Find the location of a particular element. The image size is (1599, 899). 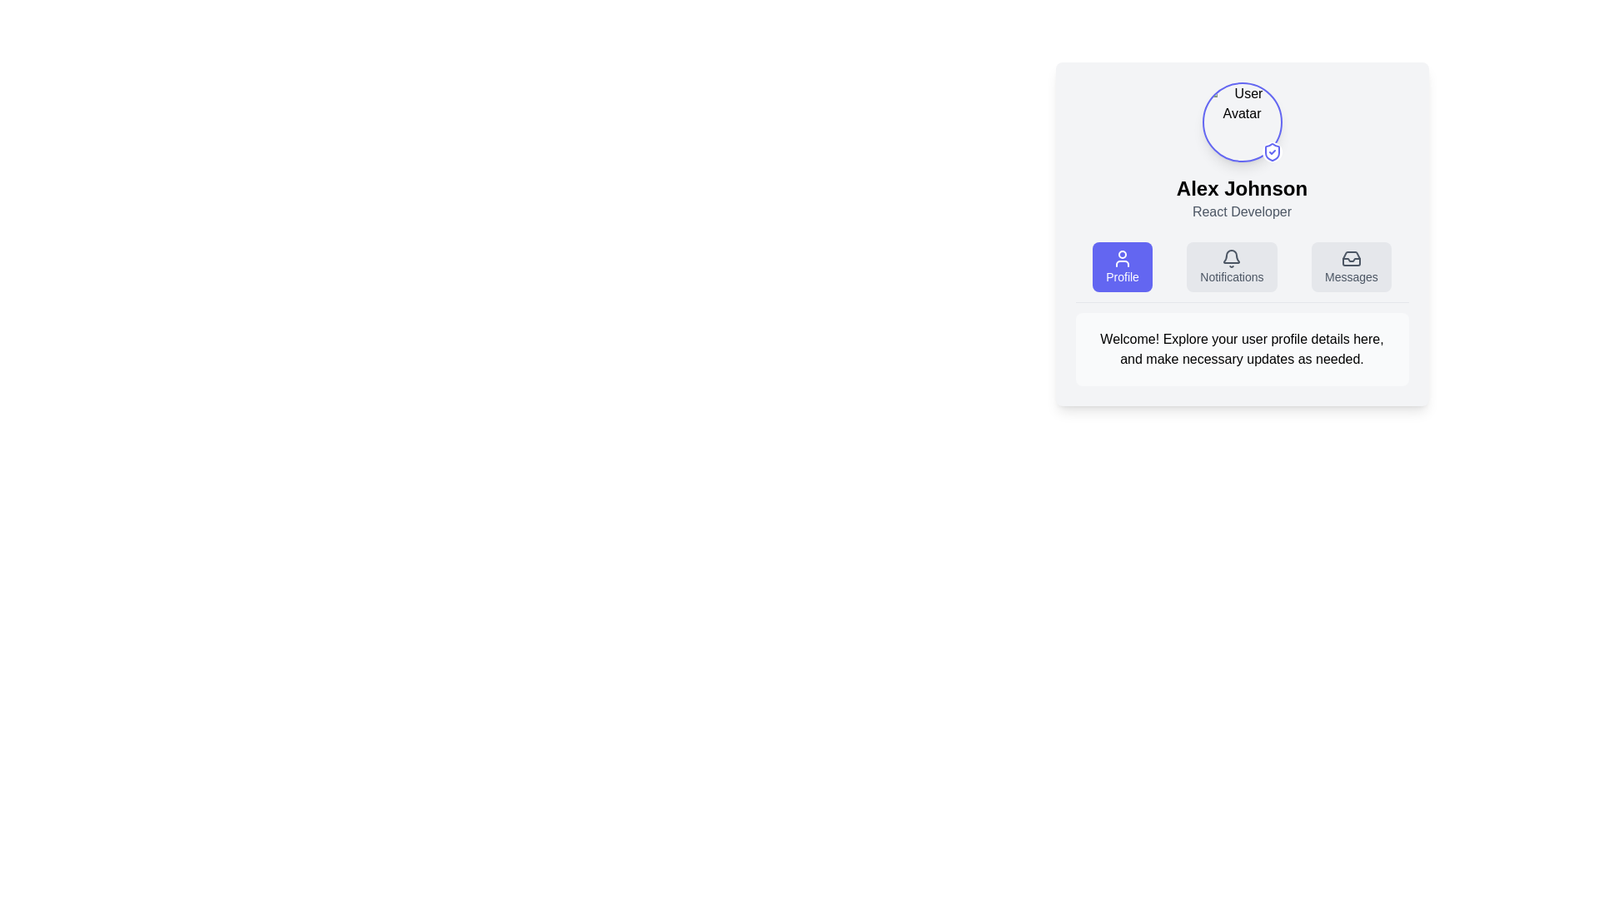

the 'Messages' button, which contains an inbox icon with a gray outline is located at coordinates (1351, 259).